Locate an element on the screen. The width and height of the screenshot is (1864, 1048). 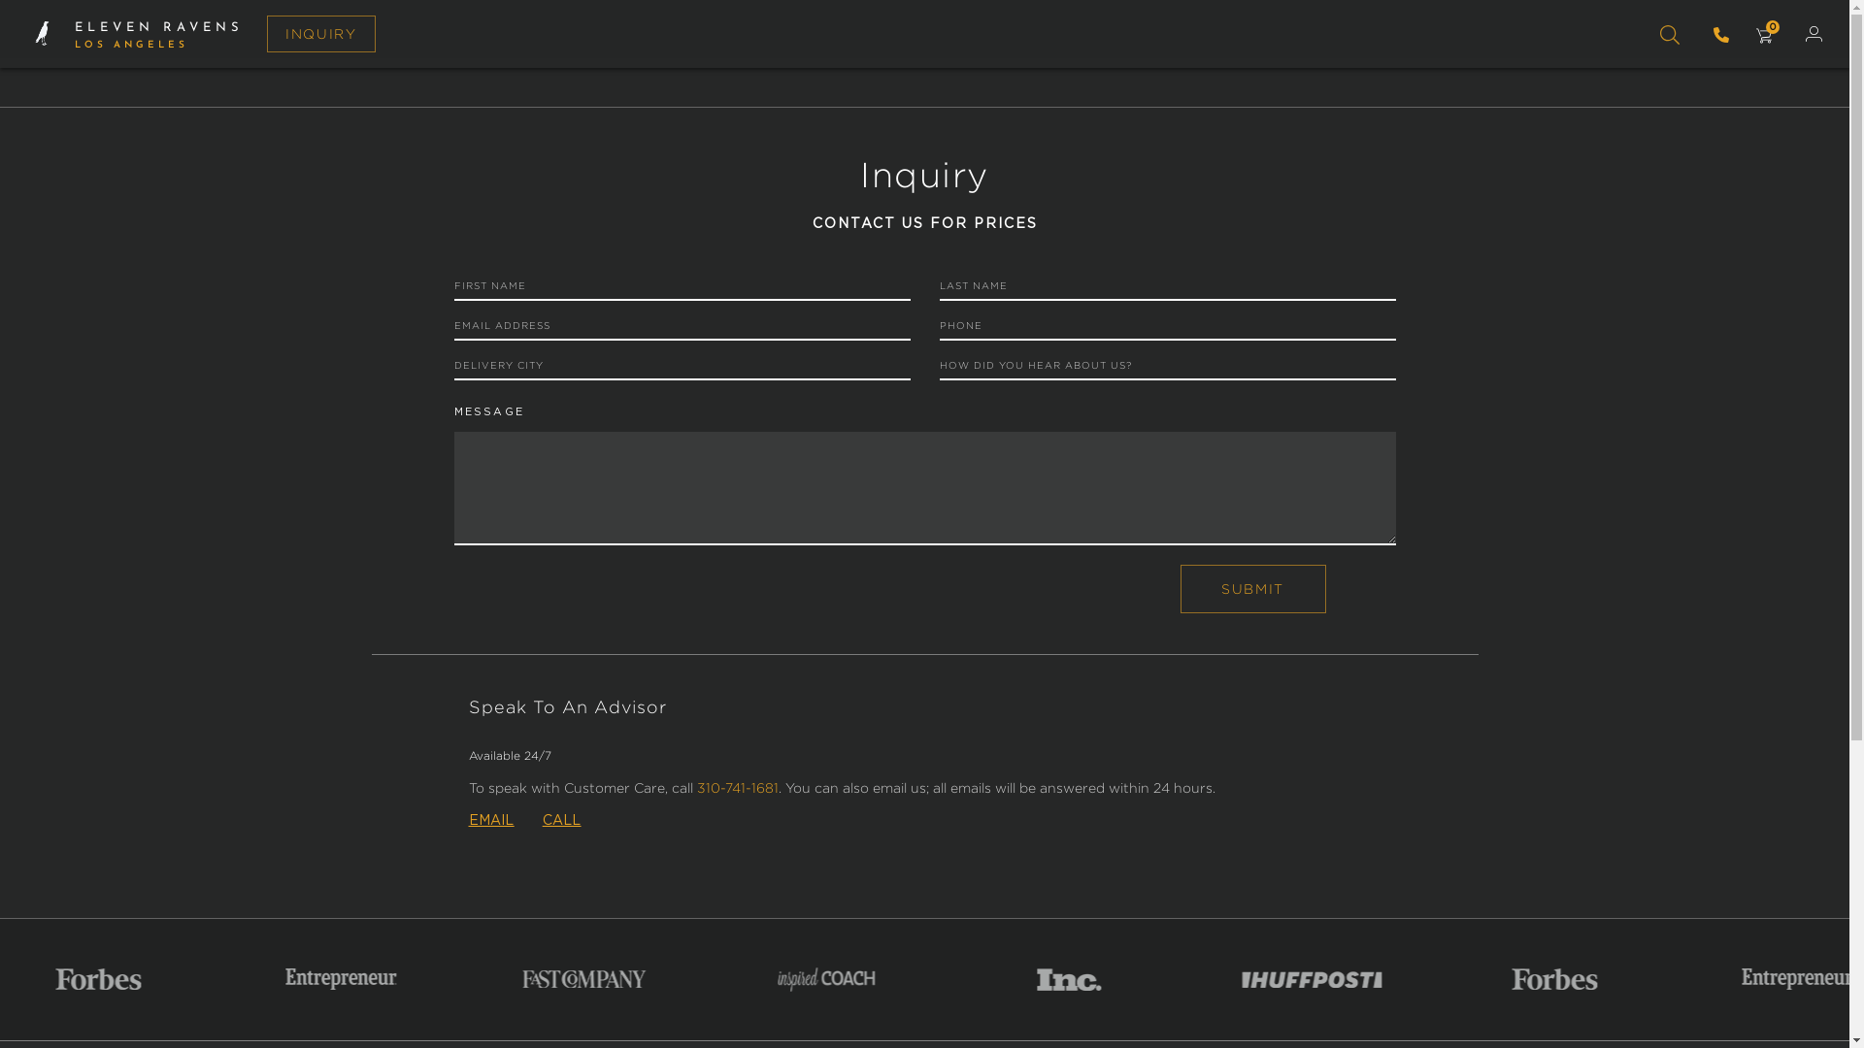
'INQUIRY' is located at coordinates (321, 33).